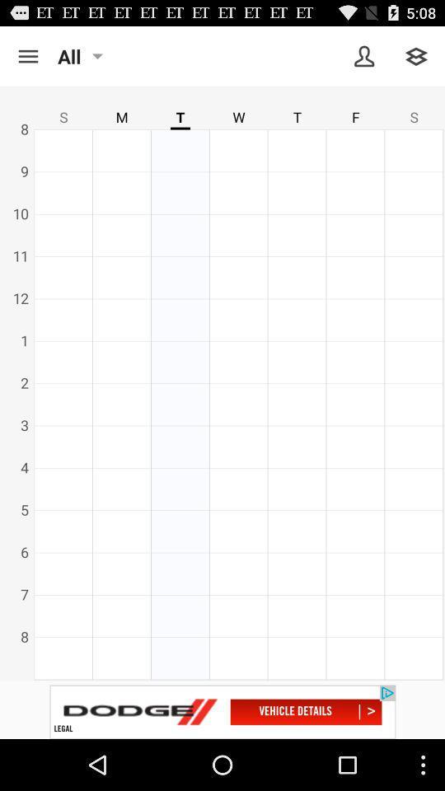 This screenshot has width=445, height=791. What do you see at coordinates (364, 56) in the screenshot?
I see `contact` at bounding box center [364, 56].